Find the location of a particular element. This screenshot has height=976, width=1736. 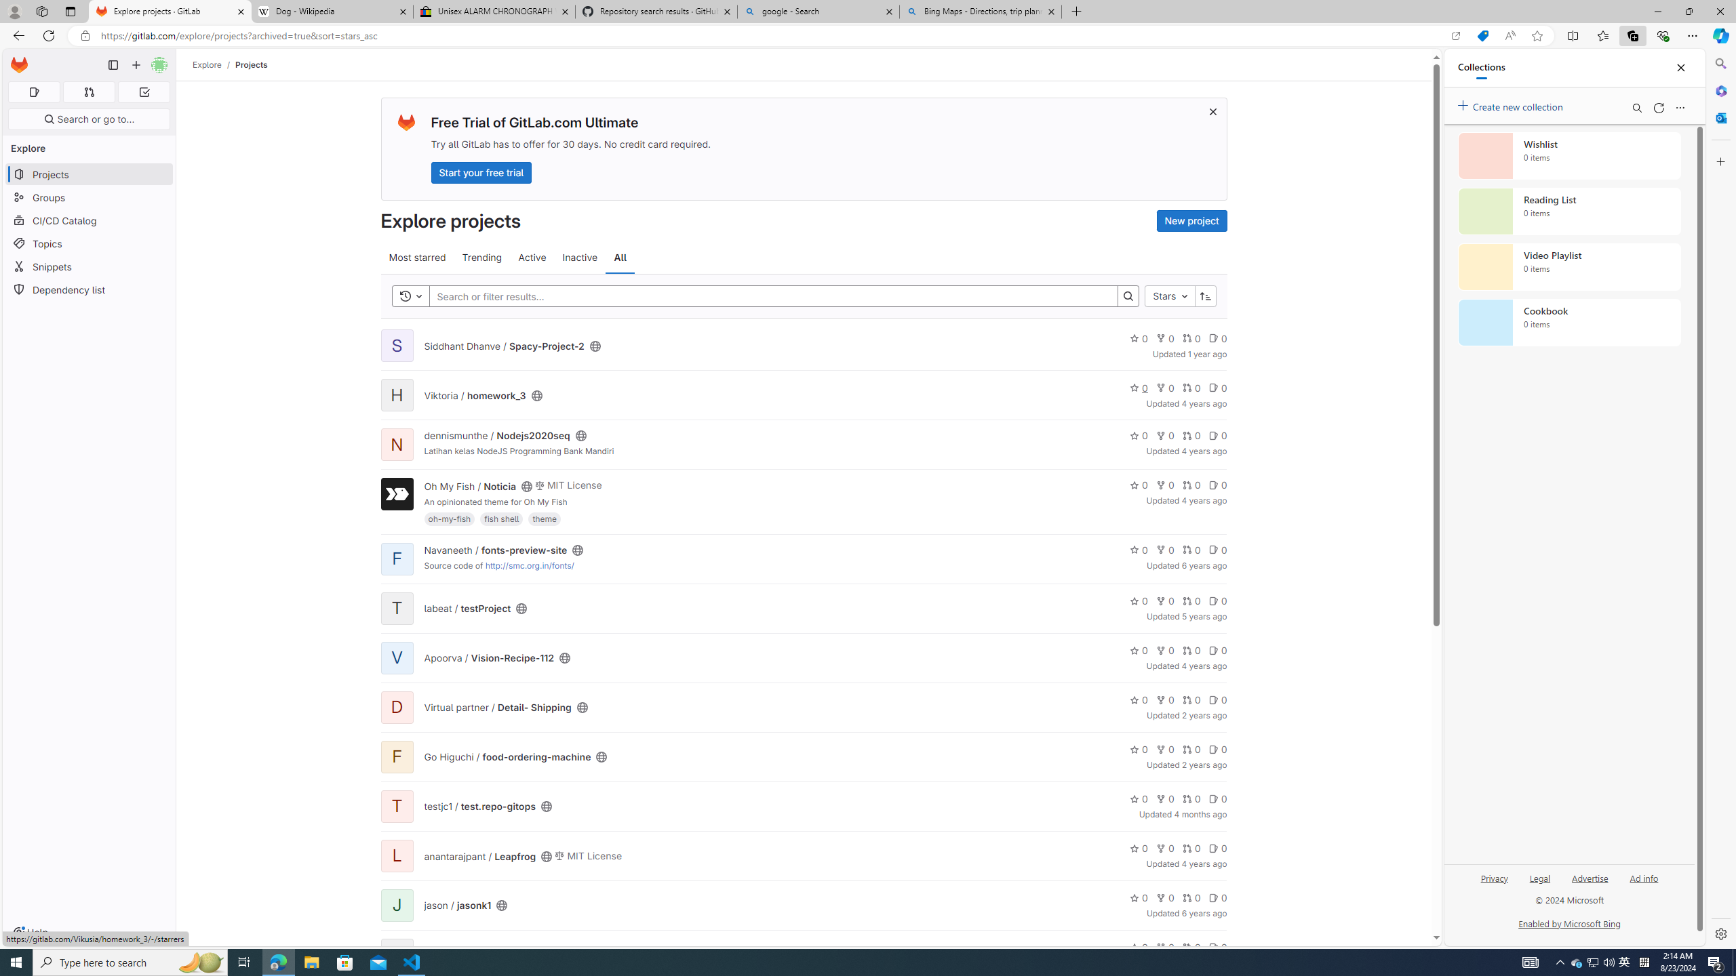

'Dismiss trial promotion' is located at coordinates (1213, 111).